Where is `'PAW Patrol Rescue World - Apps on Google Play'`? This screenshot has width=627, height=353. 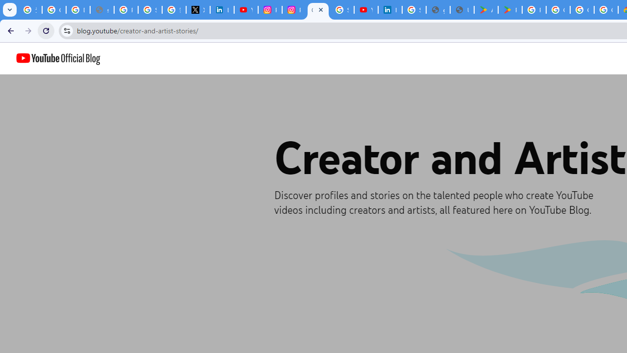 'PAW Patrol Rescue World - Apps on Google Play' is located at coordinates (509, 10).